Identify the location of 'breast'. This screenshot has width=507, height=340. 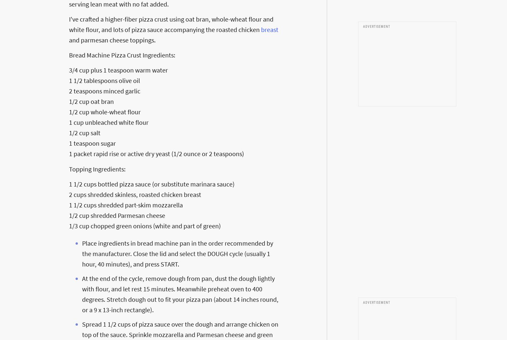
(260, 29).